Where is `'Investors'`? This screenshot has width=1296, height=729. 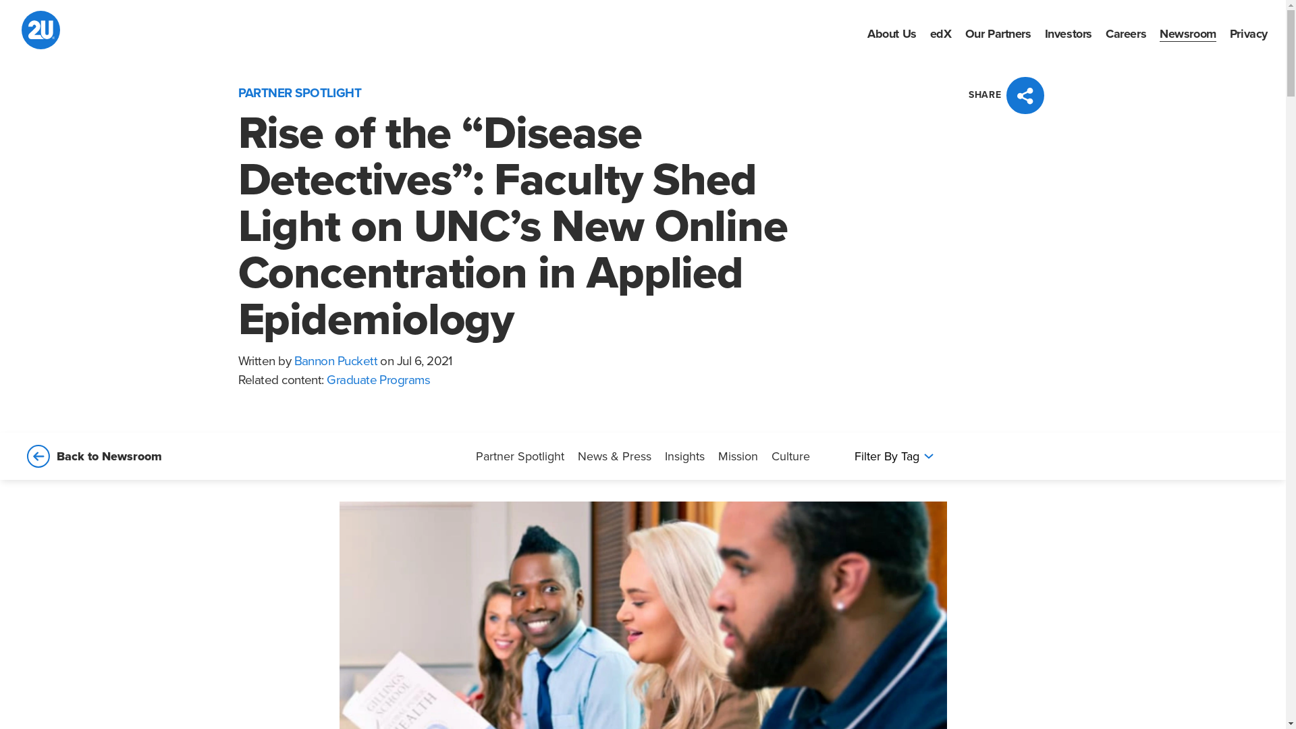
'Investors' is located at coordinates (1068, 32).